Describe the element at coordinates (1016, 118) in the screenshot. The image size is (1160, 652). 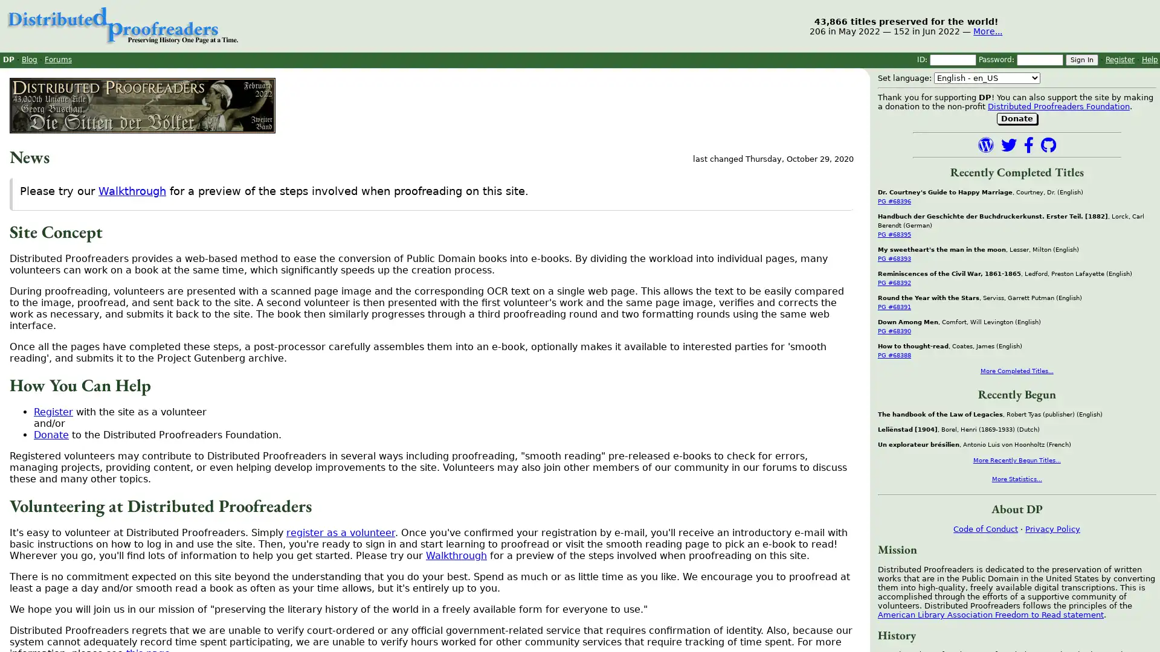
I see `Donate` at that location.